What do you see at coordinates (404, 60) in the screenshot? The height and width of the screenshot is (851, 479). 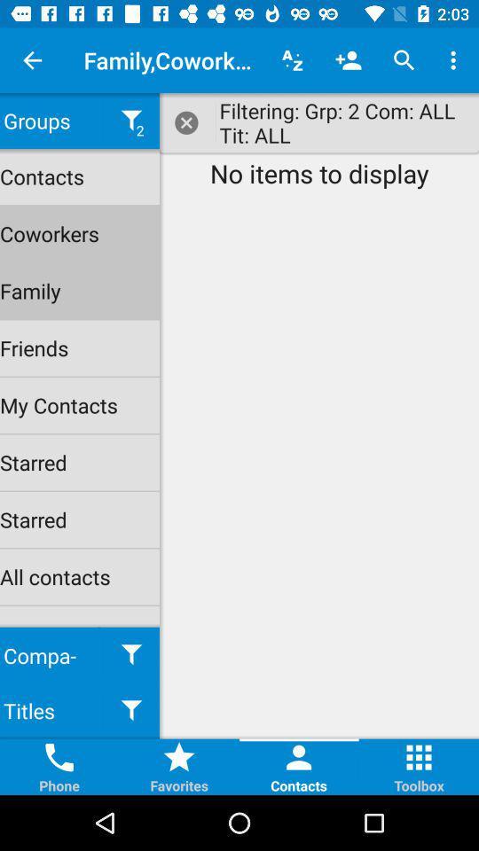 I see `search icon at the top right corner of the web page` at bounding box center [404, 60].